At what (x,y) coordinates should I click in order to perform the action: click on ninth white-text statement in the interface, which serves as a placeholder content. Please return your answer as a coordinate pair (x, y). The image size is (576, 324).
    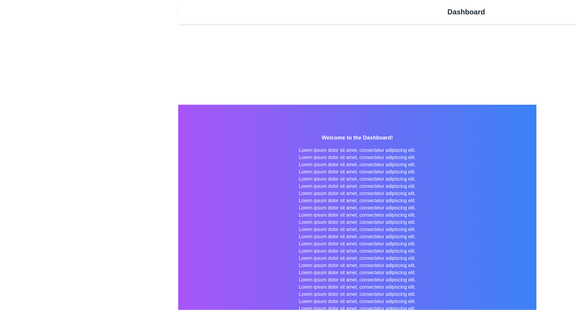
    Looking at the image, I should click on (357, 200).